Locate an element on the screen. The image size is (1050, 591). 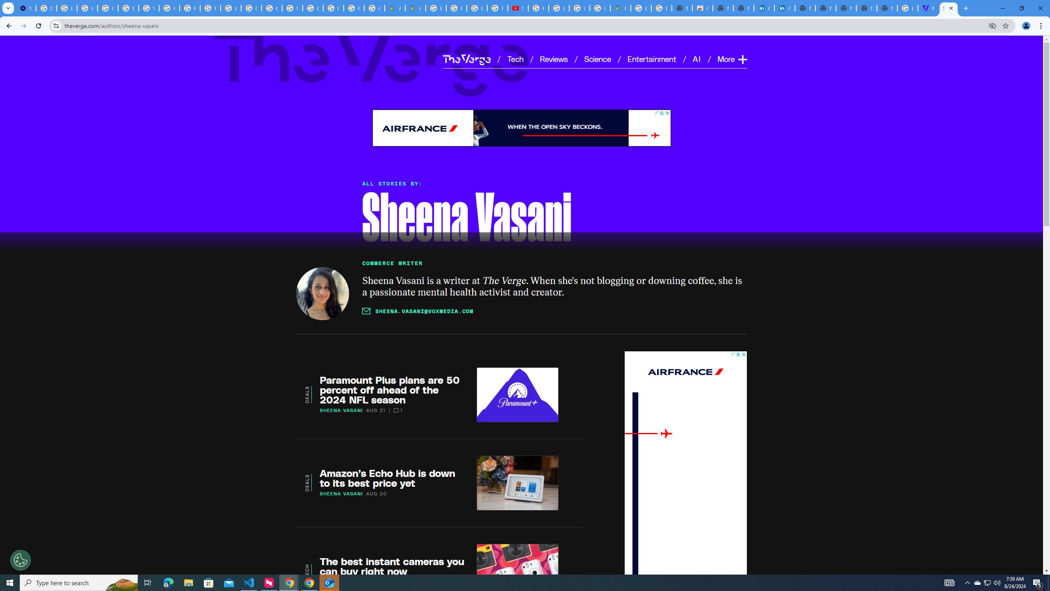
'Google Maps' is located at coordinates (415, 8).